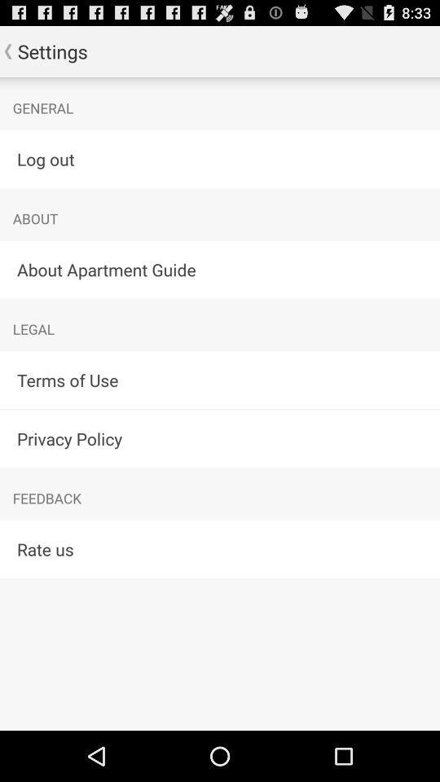 The height and width of the screenshot is (782, 440). I want to click on log out item, so click(220, 158).